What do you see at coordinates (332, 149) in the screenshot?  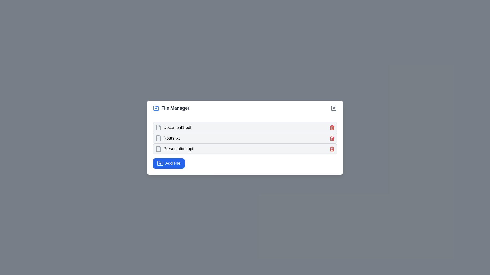 I see `the trash bin icon next to the file name 'Presentation.ppt' in the File Manager interface` at bounding box center [332, 149].